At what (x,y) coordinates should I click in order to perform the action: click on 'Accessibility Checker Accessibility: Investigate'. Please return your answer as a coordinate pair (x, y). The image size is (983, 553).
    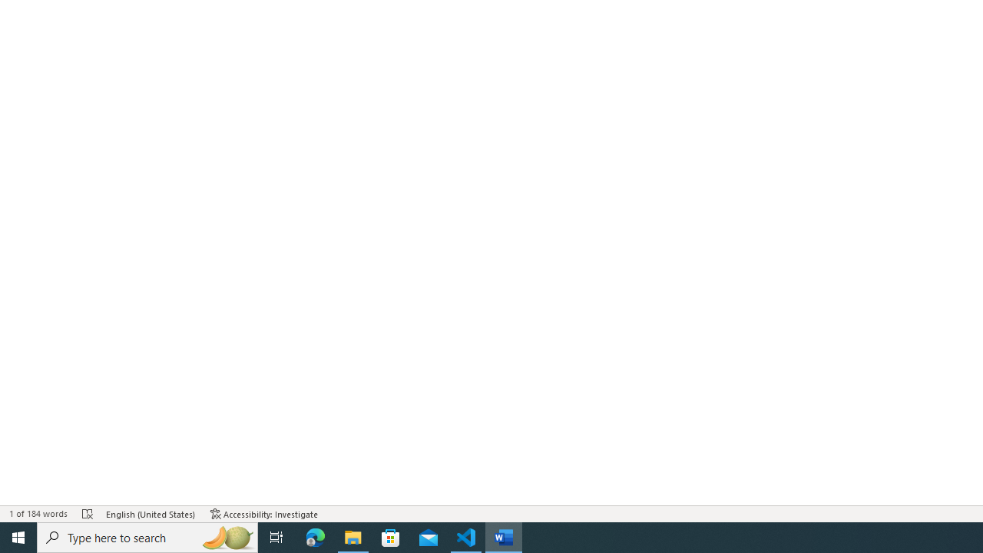
    Looking at the image, I should click on (264, 514).